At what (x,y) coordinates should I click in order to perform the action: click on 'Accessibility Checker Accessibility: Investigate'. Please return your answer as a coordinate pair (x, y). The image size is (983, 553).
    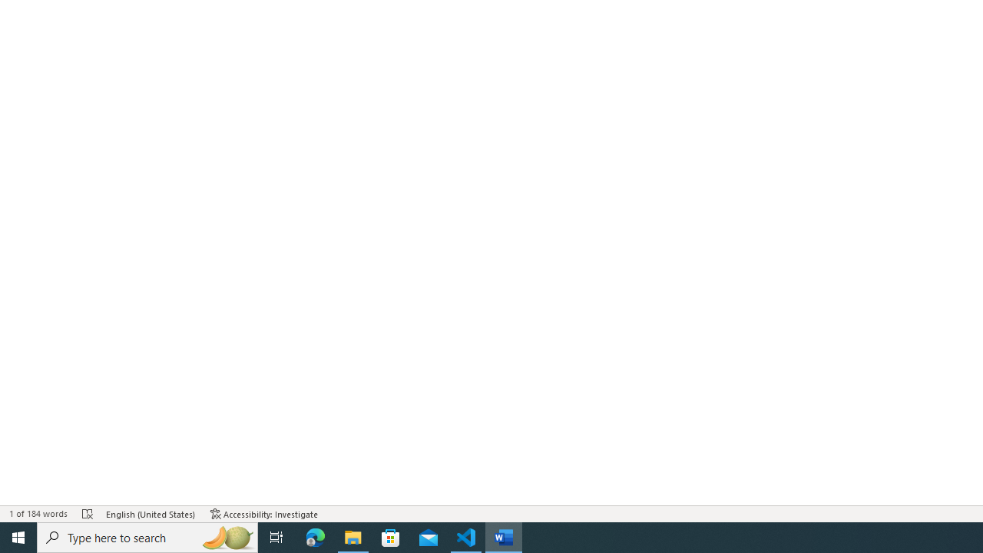
    Looking at the image, I should click on (264, 514).